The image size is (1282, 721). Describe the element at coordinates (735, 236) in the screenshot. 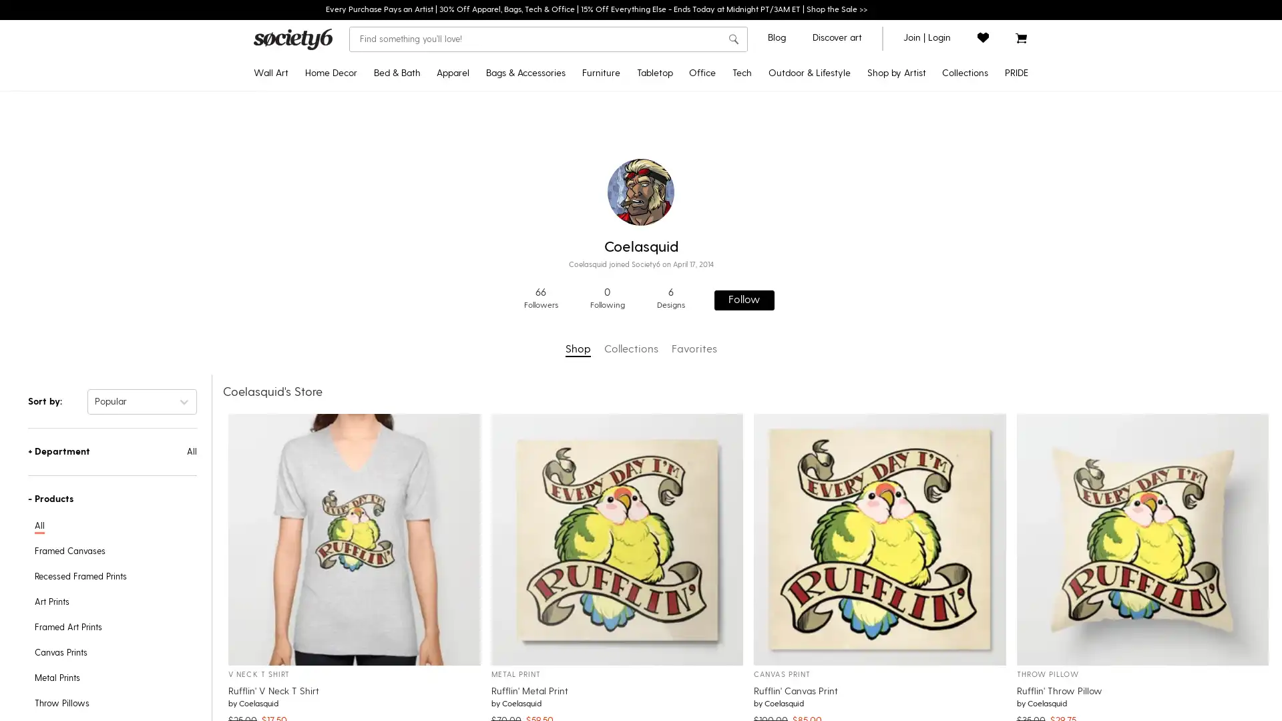

I see `Pencil Cases` at that location.